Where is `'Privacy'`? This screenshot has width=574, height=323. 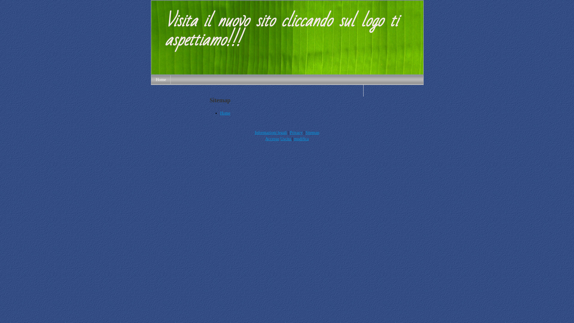
'Privacy' is located at coordinates (296, 132).